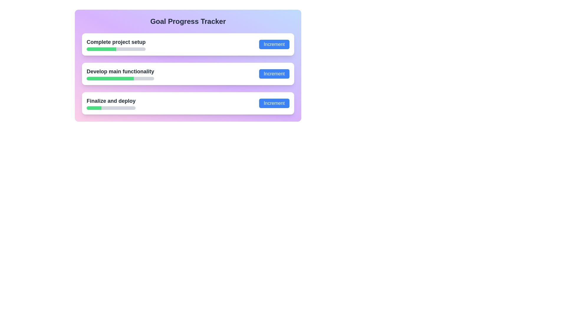 The height and width of the screenshot is (318, 566). I want to click on the 'Increment' button in the topmost card, so click(274, 44).